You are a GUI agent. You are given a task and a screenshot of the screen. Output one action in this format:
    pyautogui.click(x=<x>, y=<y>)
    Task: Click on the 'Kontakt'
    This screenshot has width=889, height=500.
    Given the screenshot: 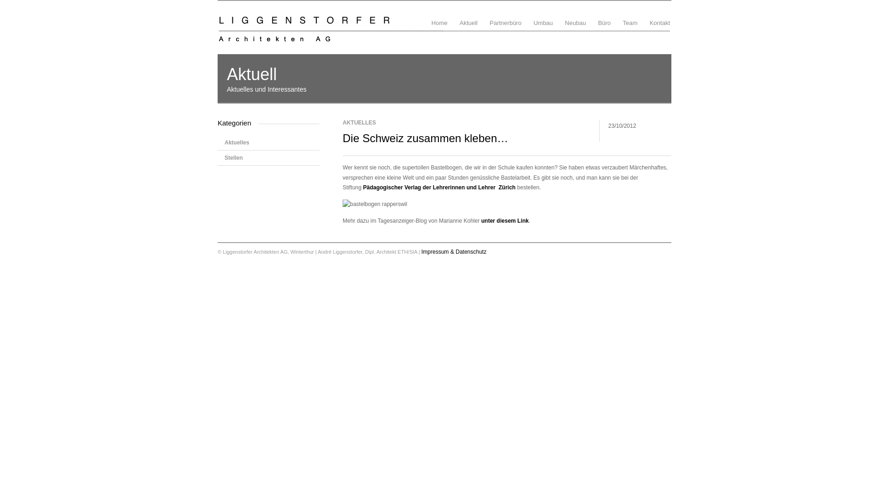 What is the action you would take?
    pyautogui.click(x=648, y=15)
    